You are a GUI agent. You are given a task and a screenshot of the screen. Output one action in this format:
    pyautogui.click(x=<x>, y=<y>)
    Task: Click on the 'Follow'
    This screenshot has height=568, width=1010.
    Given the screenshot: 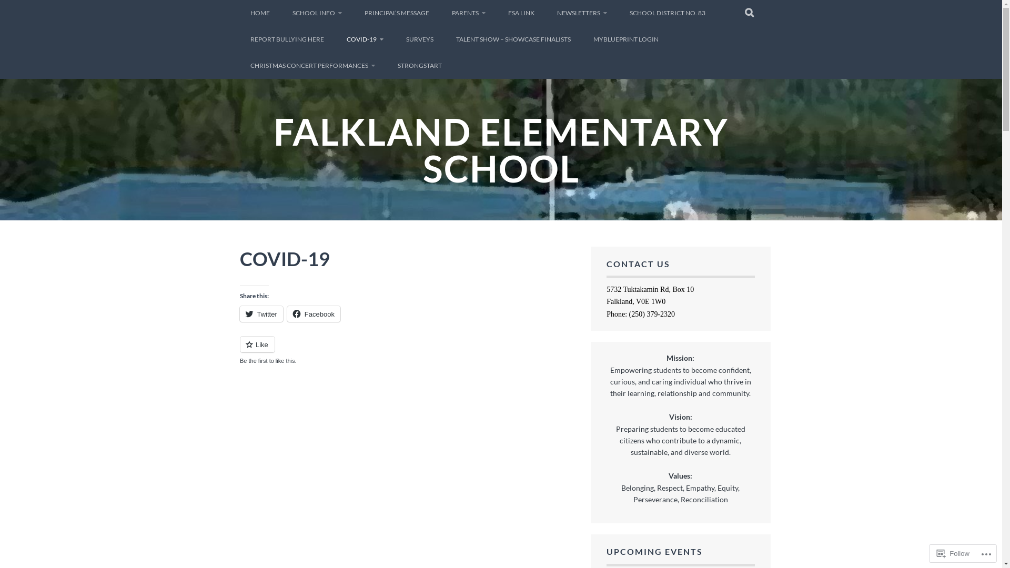 What is the action you would take?
    pyautogui.click(x=953, y=553)
    